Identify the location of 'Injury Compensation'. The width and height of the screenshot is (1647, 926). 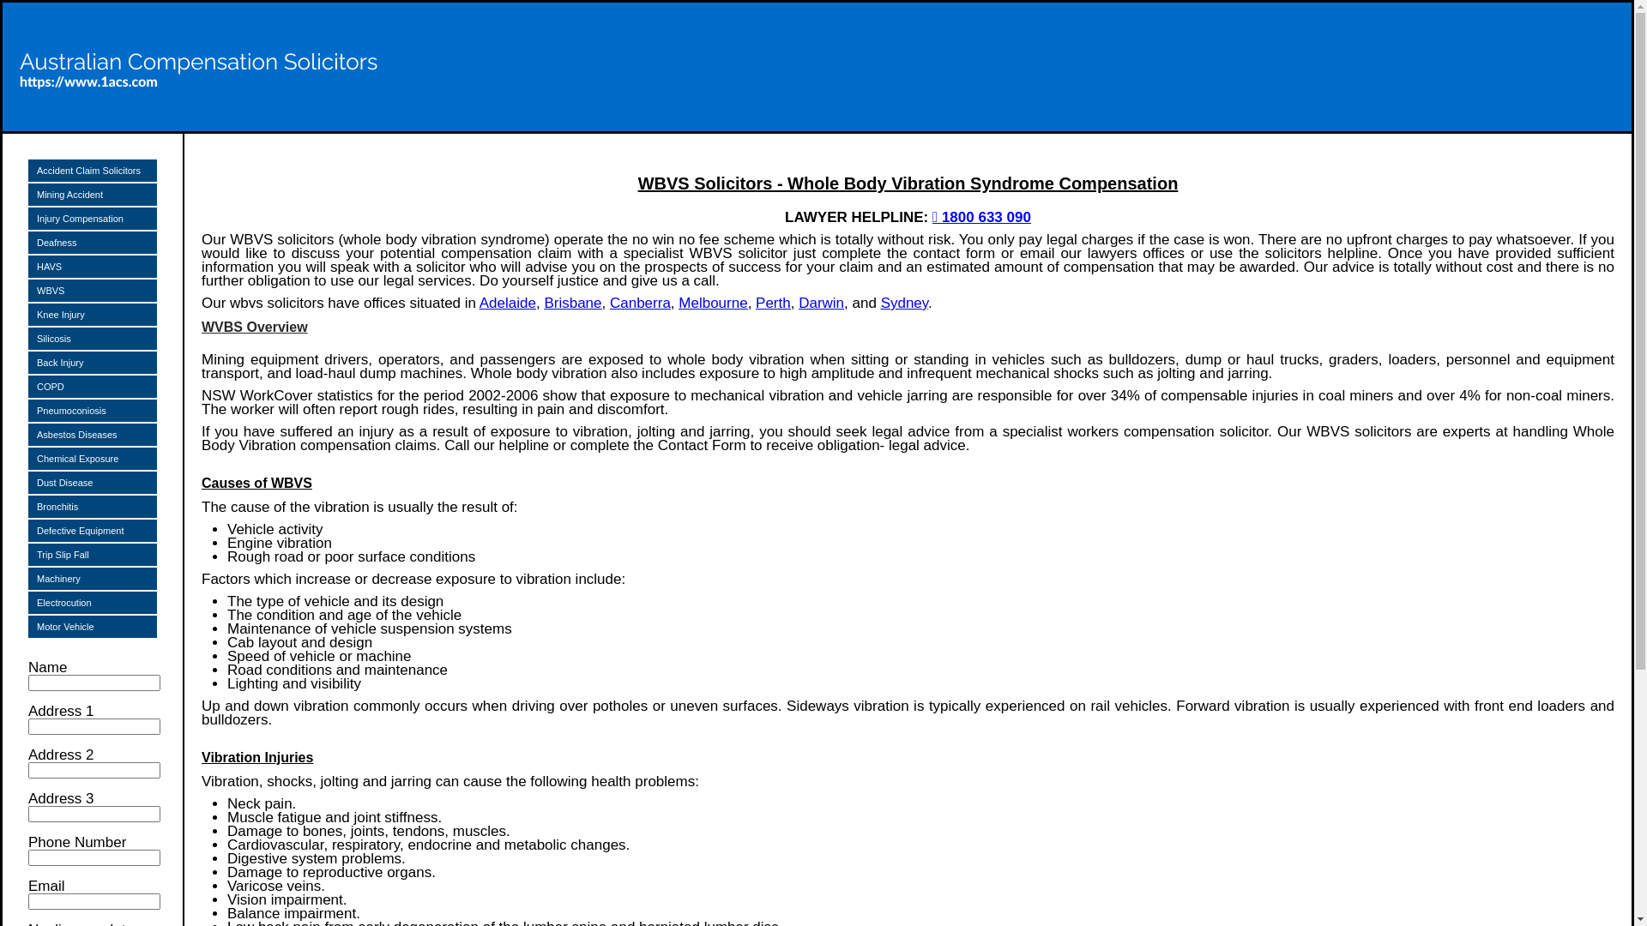
(91, 217).